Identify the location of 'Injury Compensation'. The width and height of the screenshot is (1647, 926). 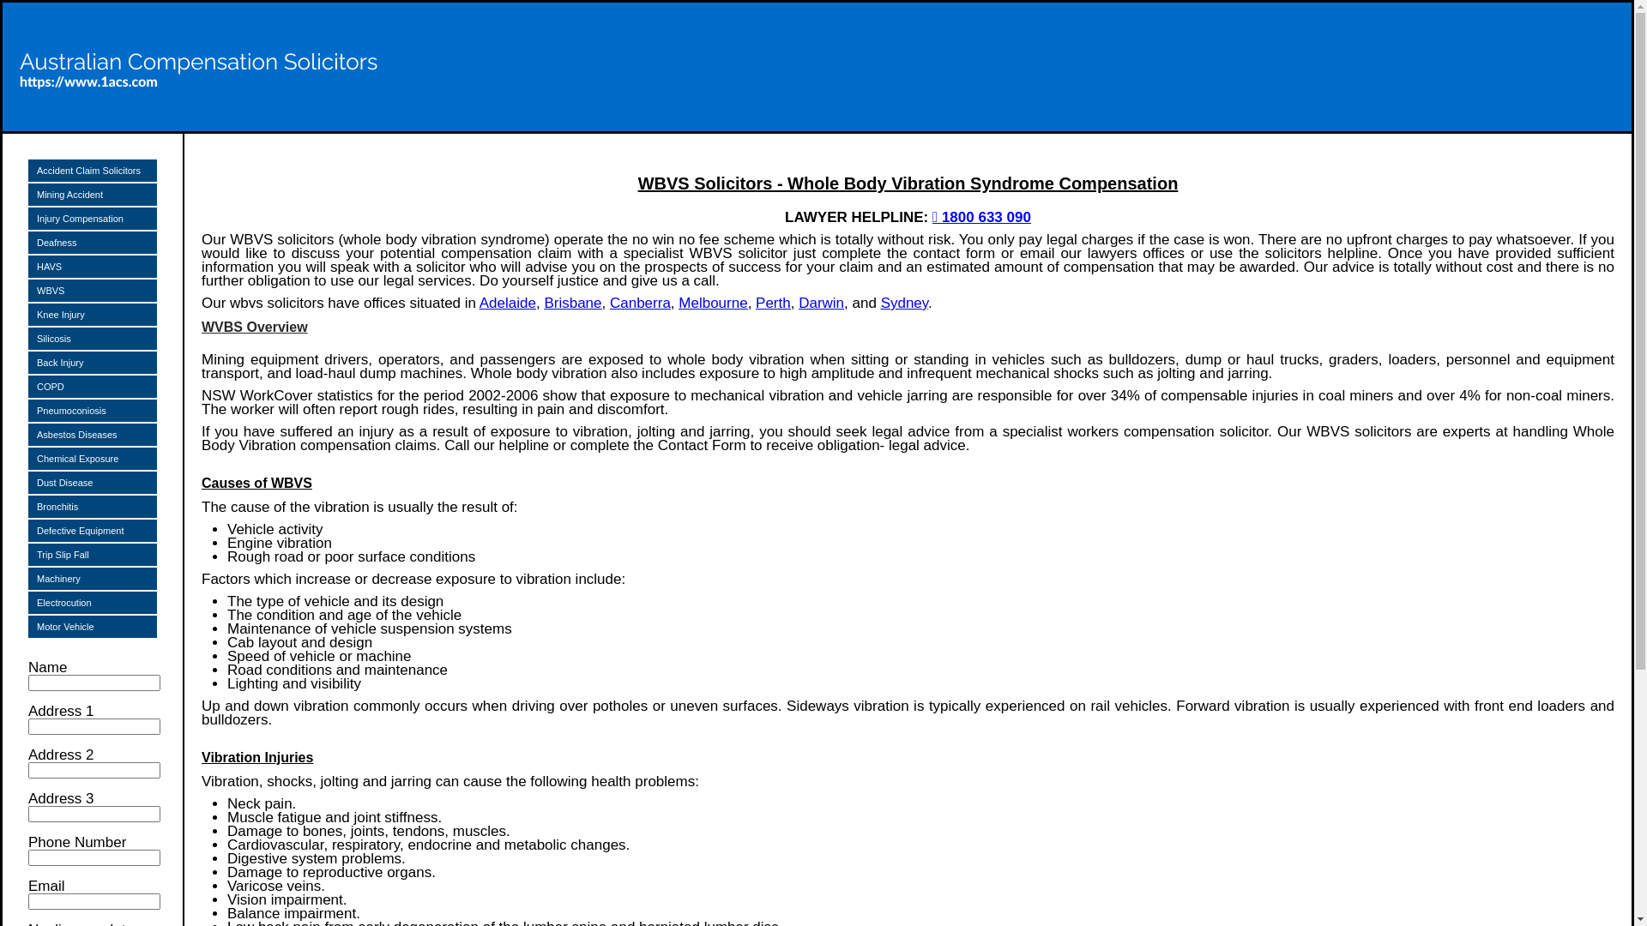
(91, 217).